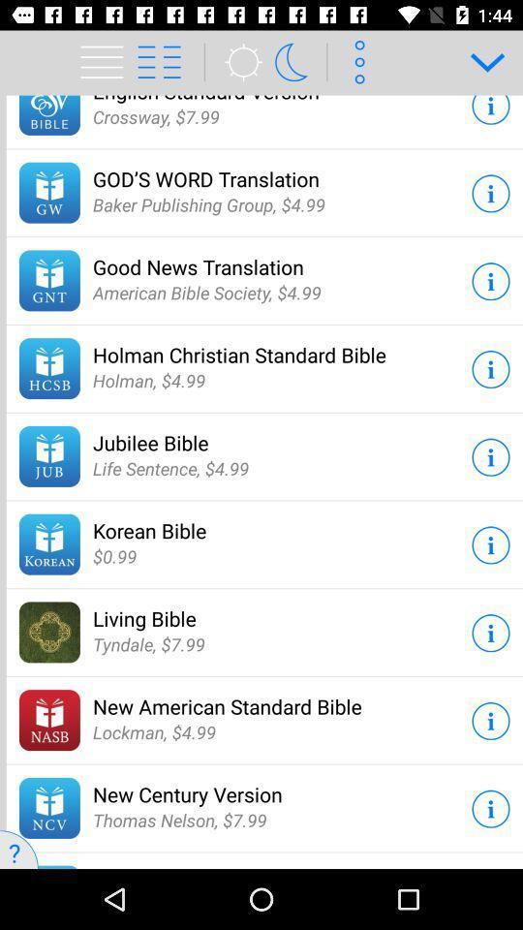  Describe the element at coordinates (95, 49) in the screenshot. I see `the menu icon` at that location.